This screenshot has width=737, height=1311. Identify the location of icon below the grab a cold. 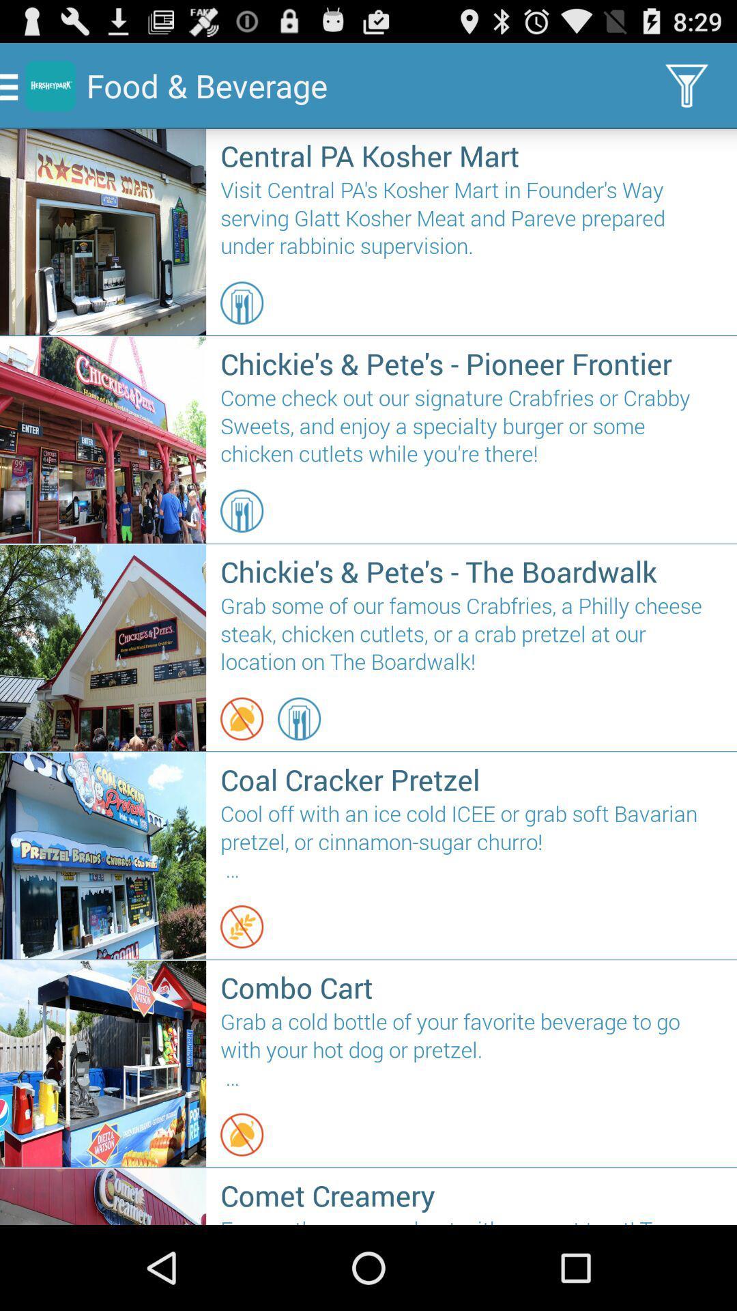
(241, 1134).